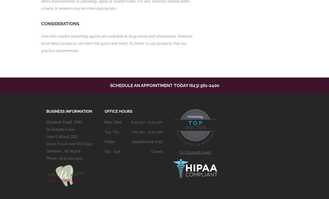  What do you see at coordinates (156, 151) in the screenshot?
I see `'Closed'` at bounding box center [156, 151].